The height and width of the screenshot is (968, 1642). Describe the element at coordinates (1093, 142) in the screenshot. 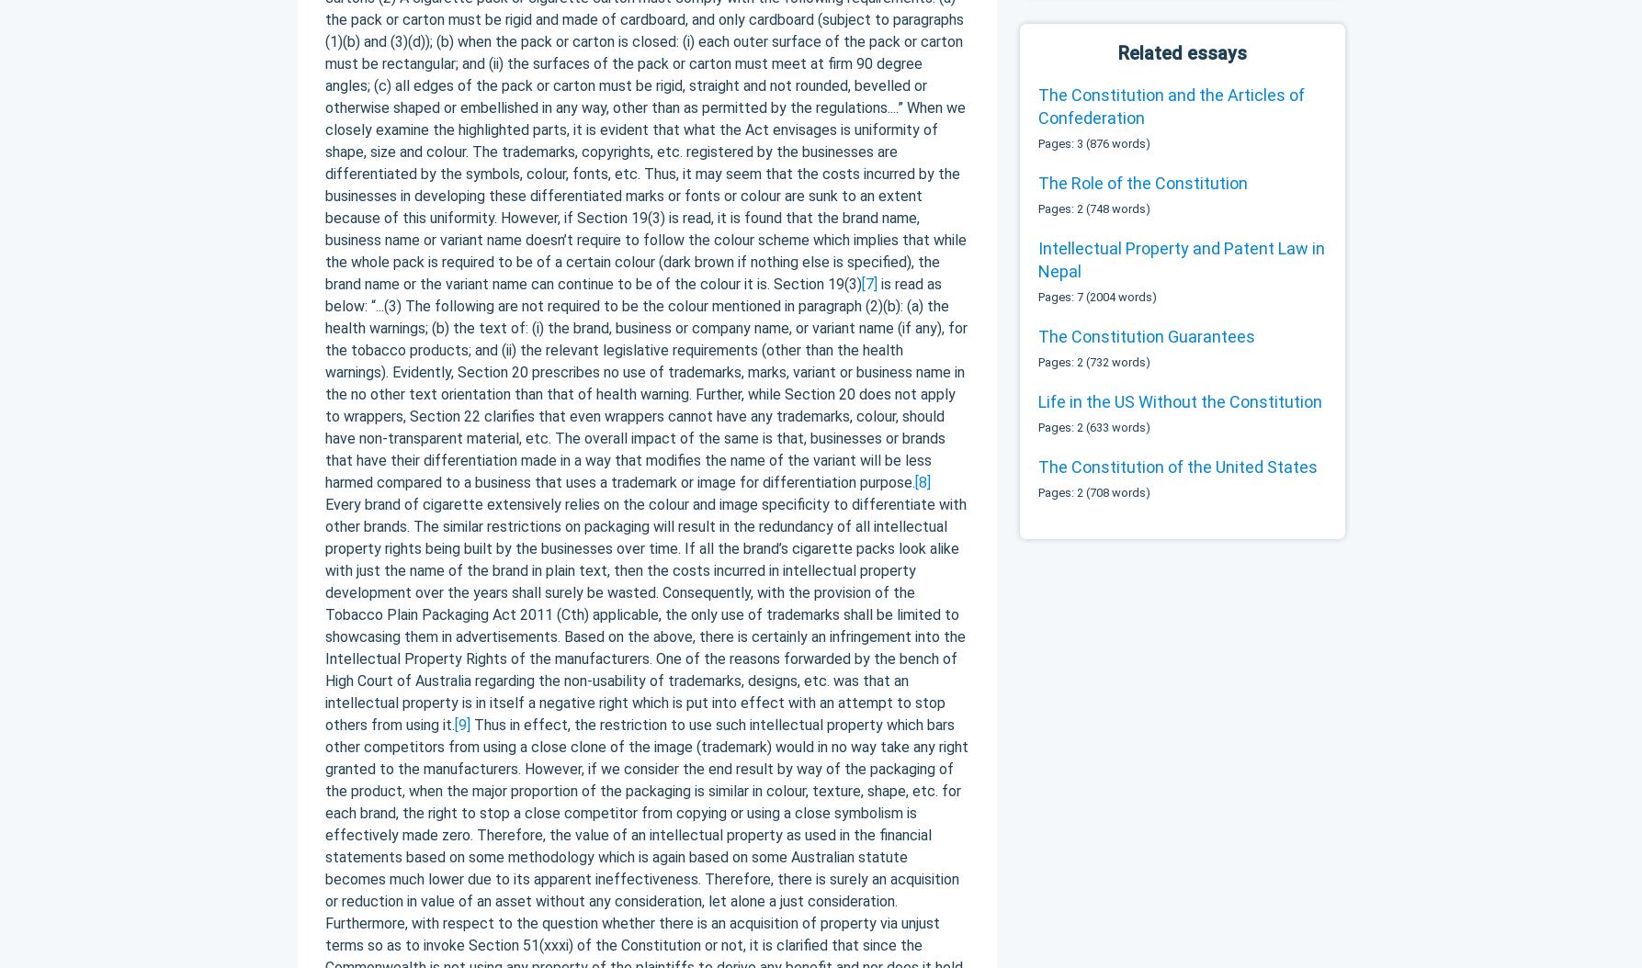

I see `'Pages: 3 (876 words)'` at that location.